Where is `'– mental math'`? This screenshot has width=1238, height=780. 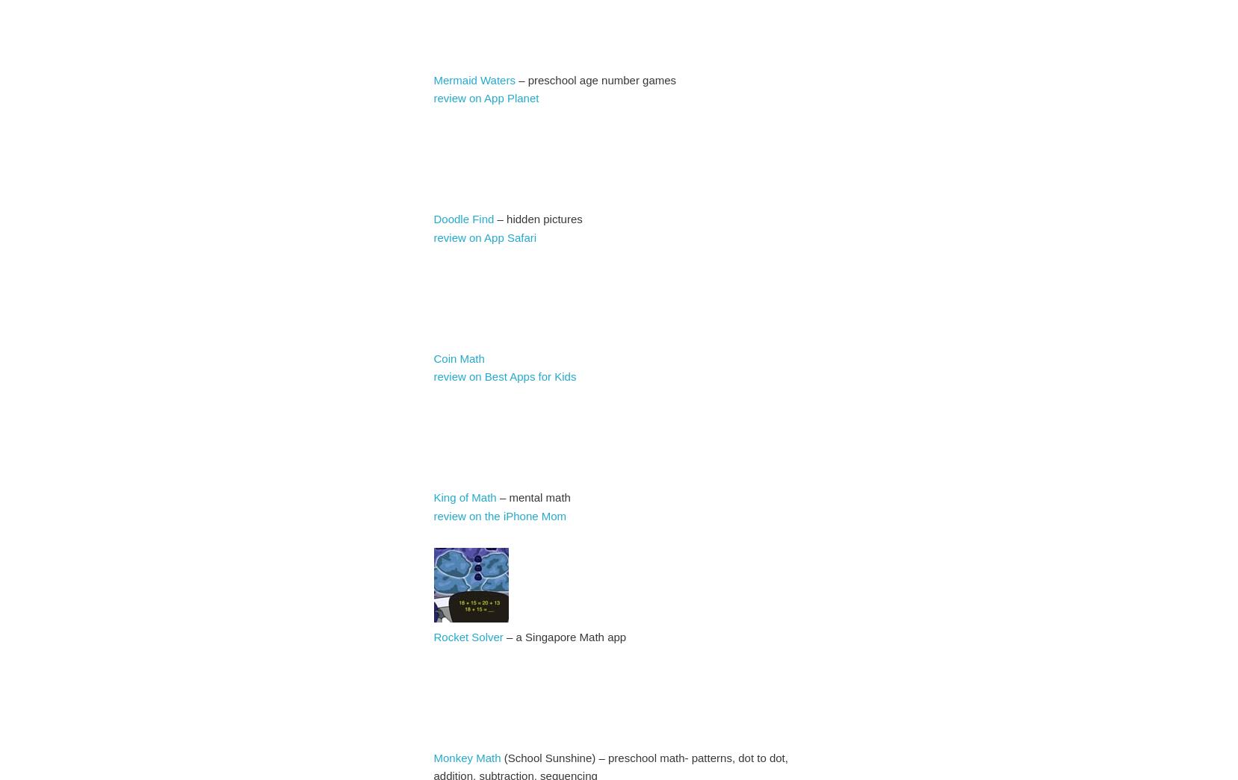
'– mental math' is located at coordinates (532, 497).